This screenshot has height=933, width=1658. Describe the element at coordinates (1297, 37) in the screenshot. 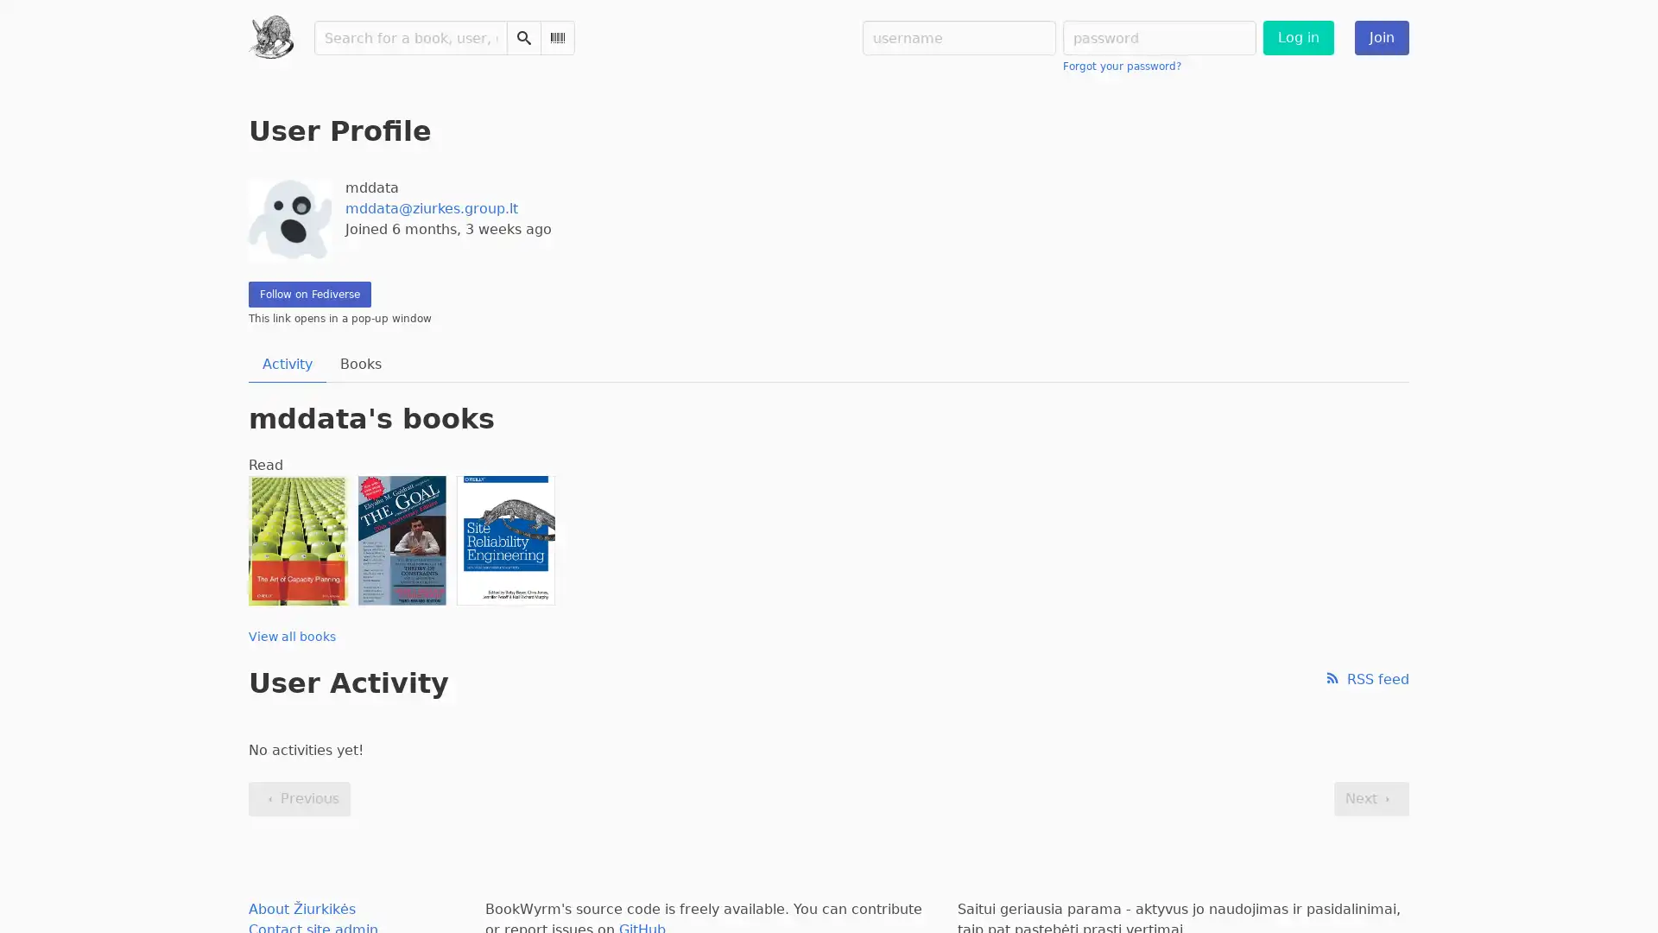

I see `Log in` at that location.